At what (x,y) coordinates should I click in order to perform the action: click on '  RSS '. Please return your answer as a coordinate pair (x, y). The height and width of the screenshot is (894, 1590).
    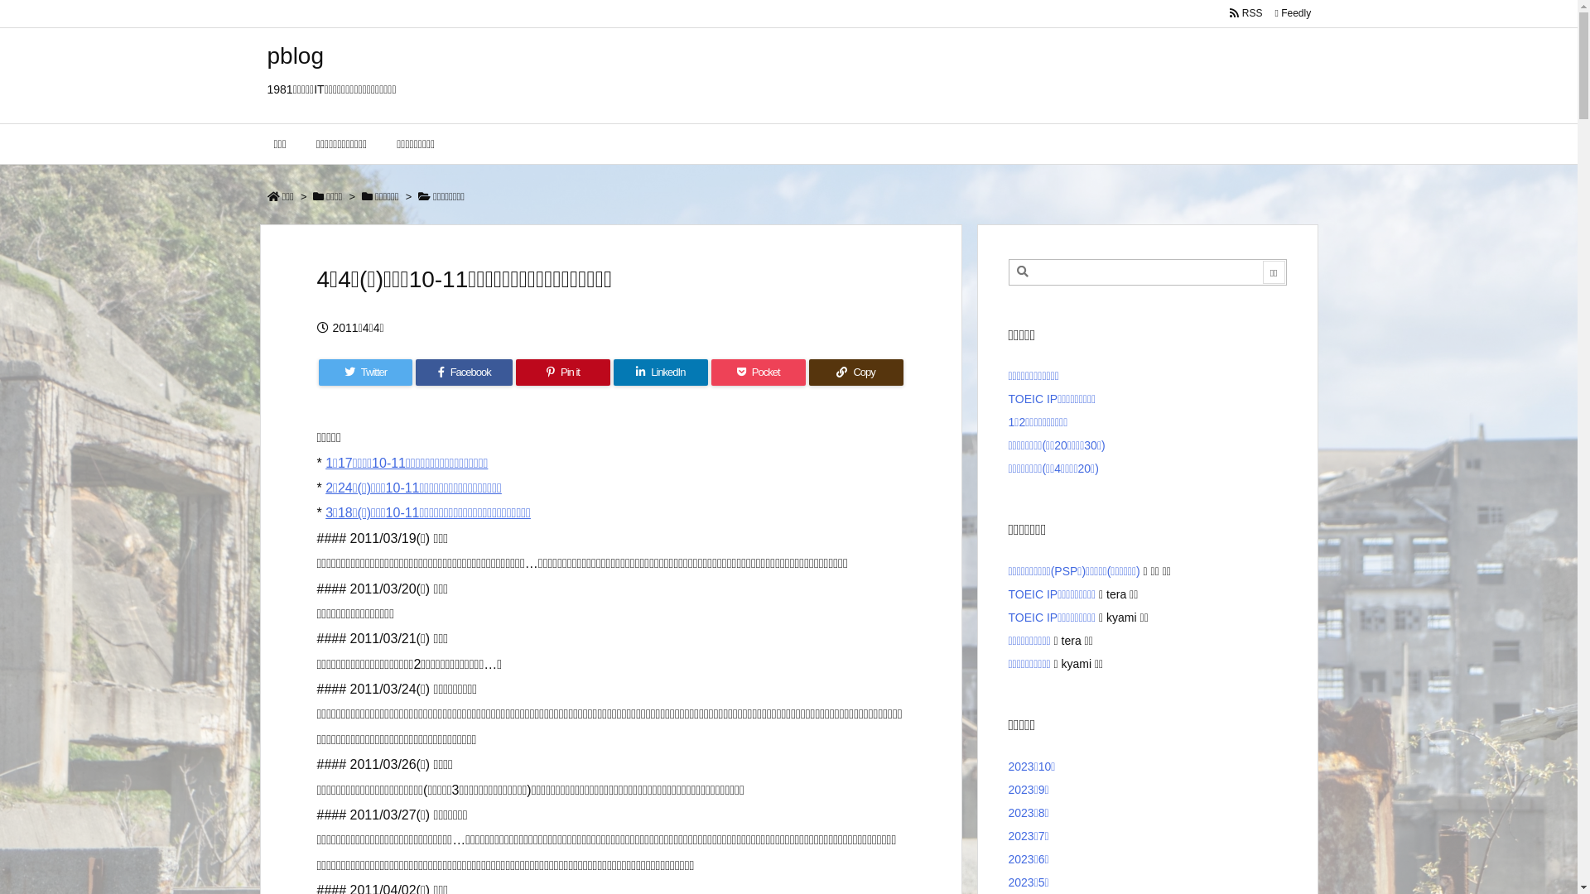
    Looking at the image, I should click on (1246, 12).